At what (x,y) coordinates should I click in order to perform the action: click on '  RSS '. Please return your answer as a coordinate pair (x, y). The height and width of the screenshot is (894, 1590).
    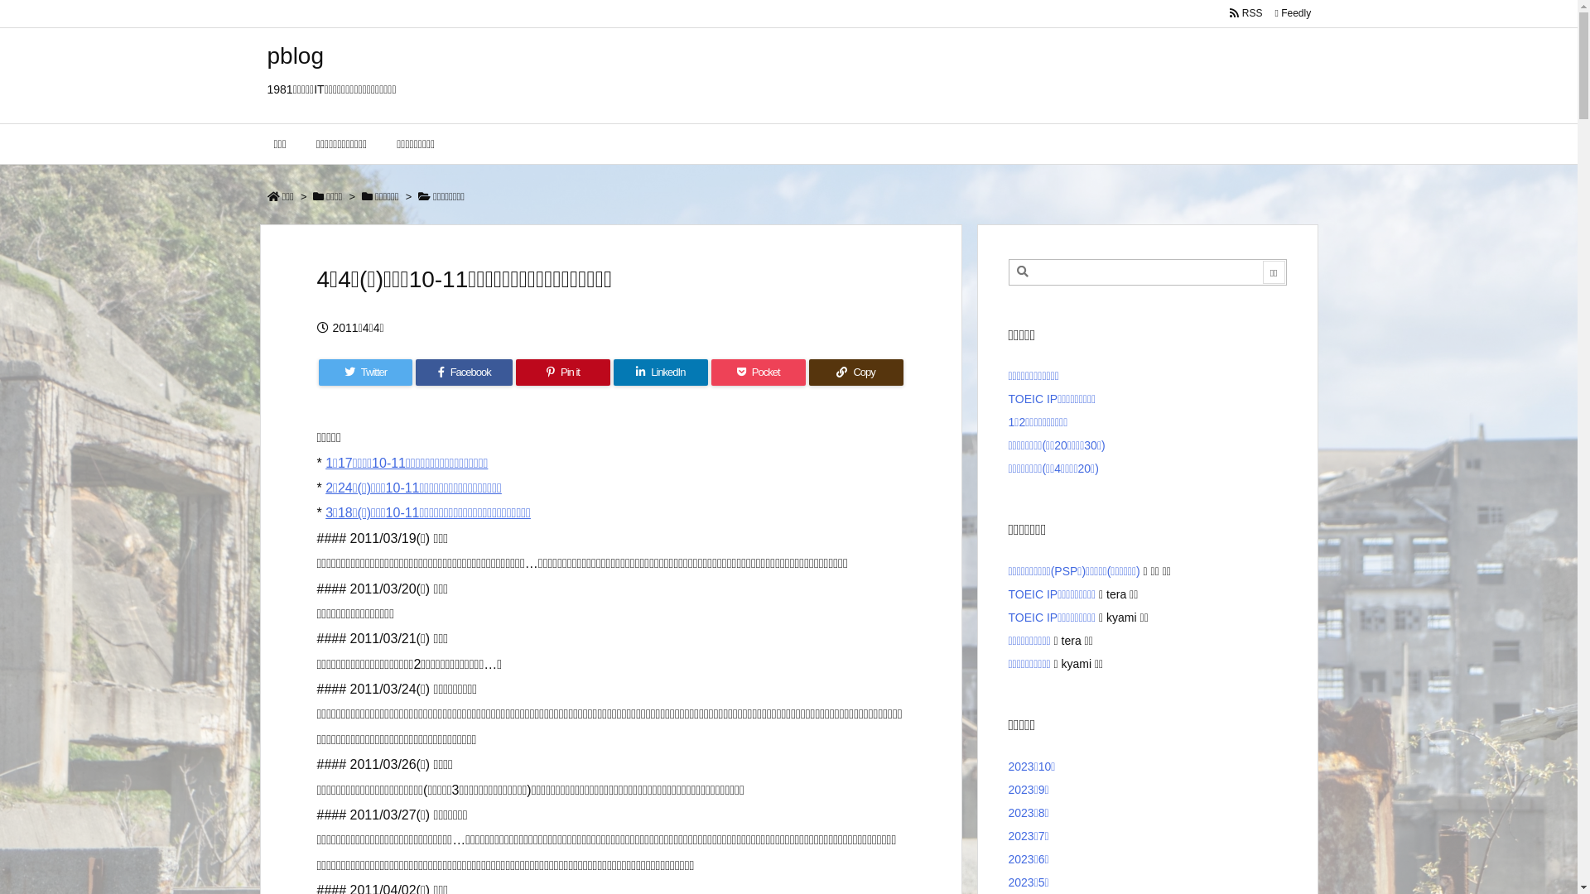
    Looking at the image, I should click on (1246, 12).